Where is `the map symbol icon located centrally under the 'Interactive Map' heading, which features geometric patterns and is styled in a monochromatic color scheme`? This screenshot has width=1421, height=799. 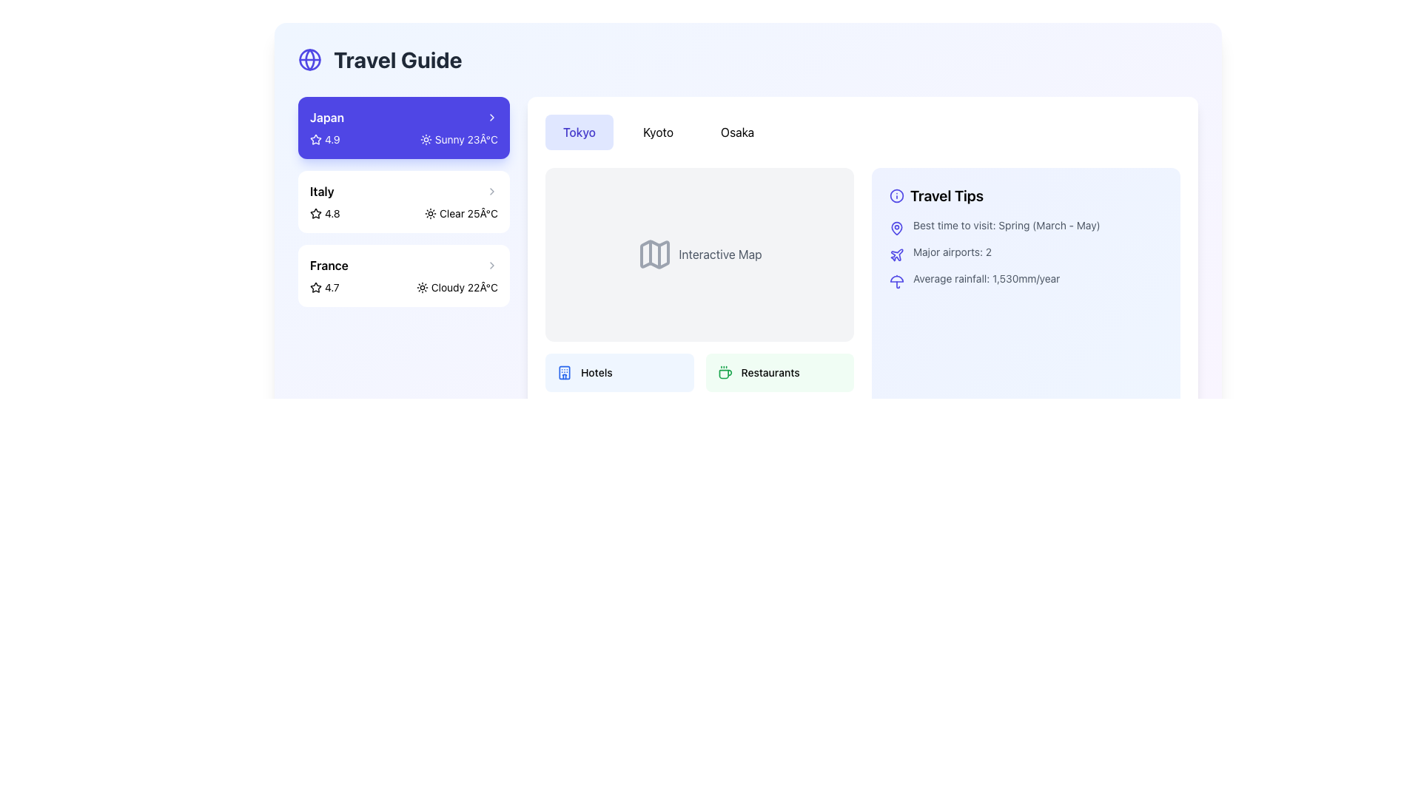 the map symbol icon located centrally under the 'Interactive Map' heading, which features geometric patterns and is styled in a monochromatic color scheme is located at coordinates (654, 254).